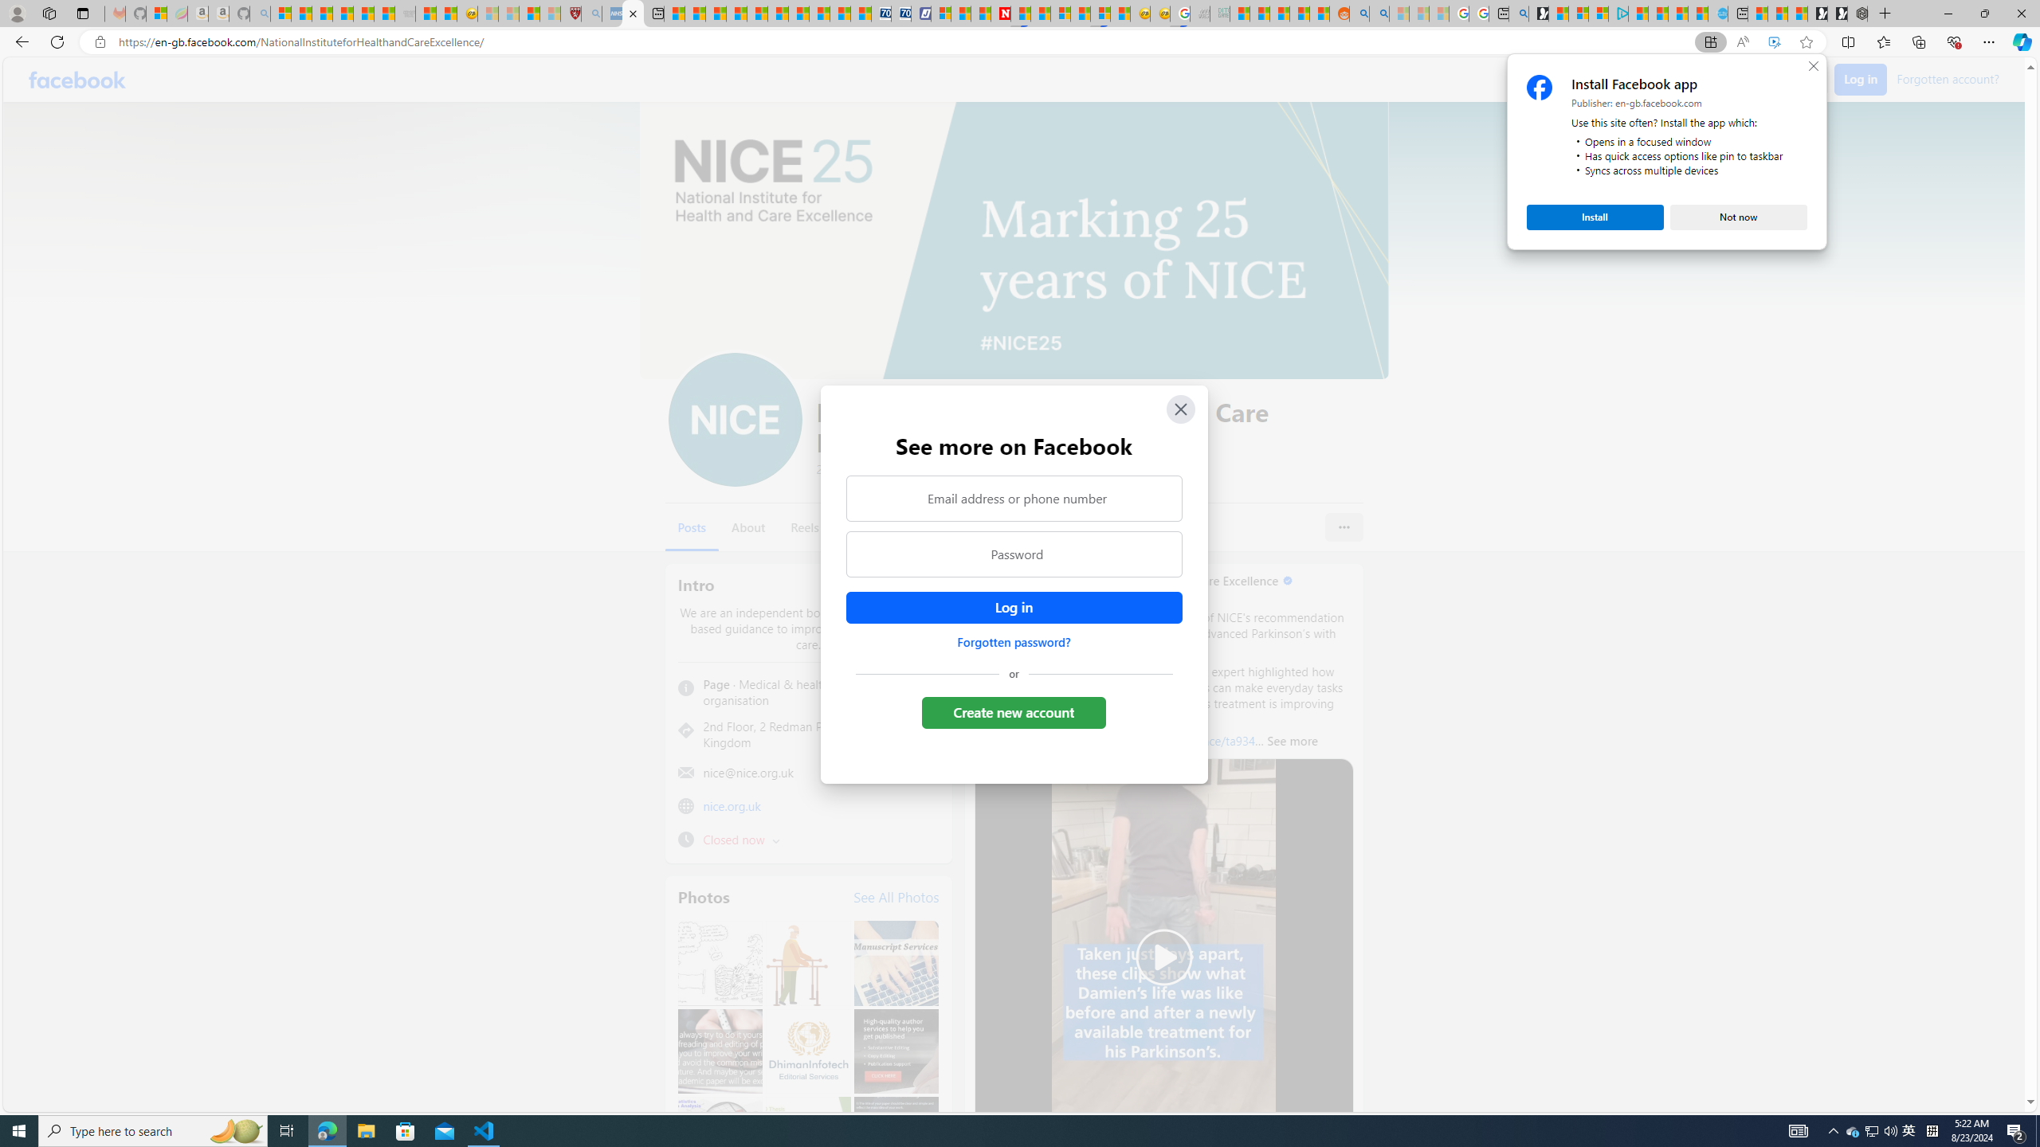 Image resolution: width=2040 pixels, height=1147 pixels. Describe the element at coordinates (365, 1129) in the screenshot. I see `'File Explorer'` at that location.